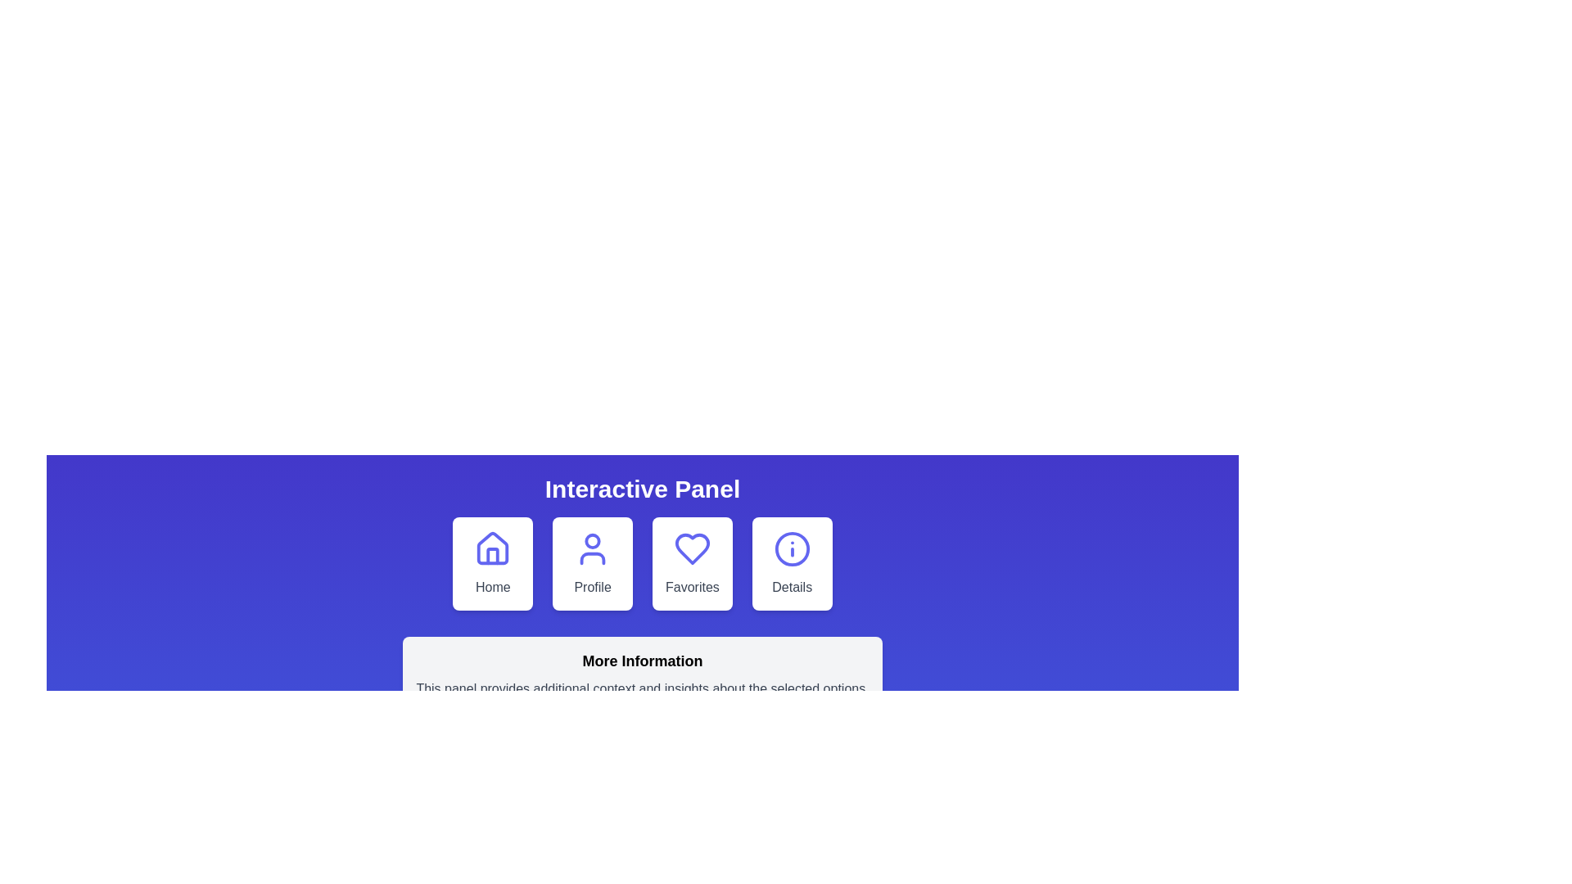 The image size is (1572, 884). What do you see at coordinates (592, 549) in the screenshot?
I see `the circular indigo avatar icon located in the second card from the left in the row of interactive options` at bounding box center [592, 549].